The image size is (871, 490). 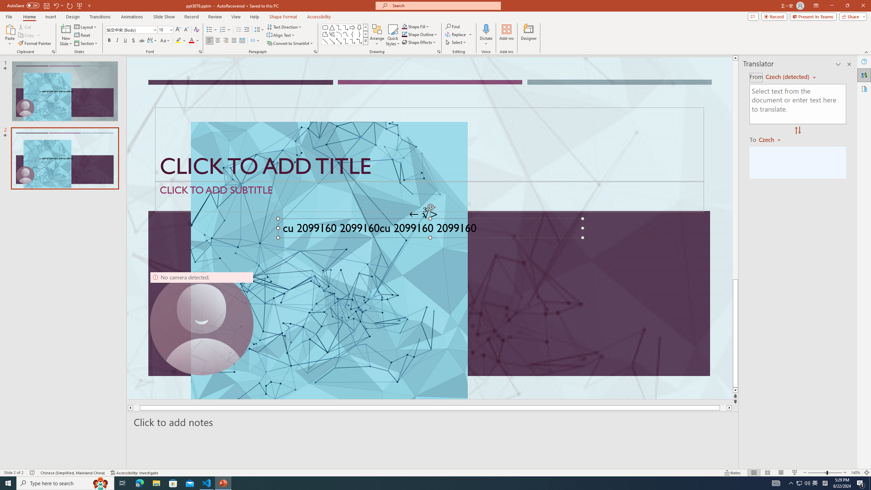 I want to click on 'Camera 9, No camera detected.', so click(x=201, y=323).